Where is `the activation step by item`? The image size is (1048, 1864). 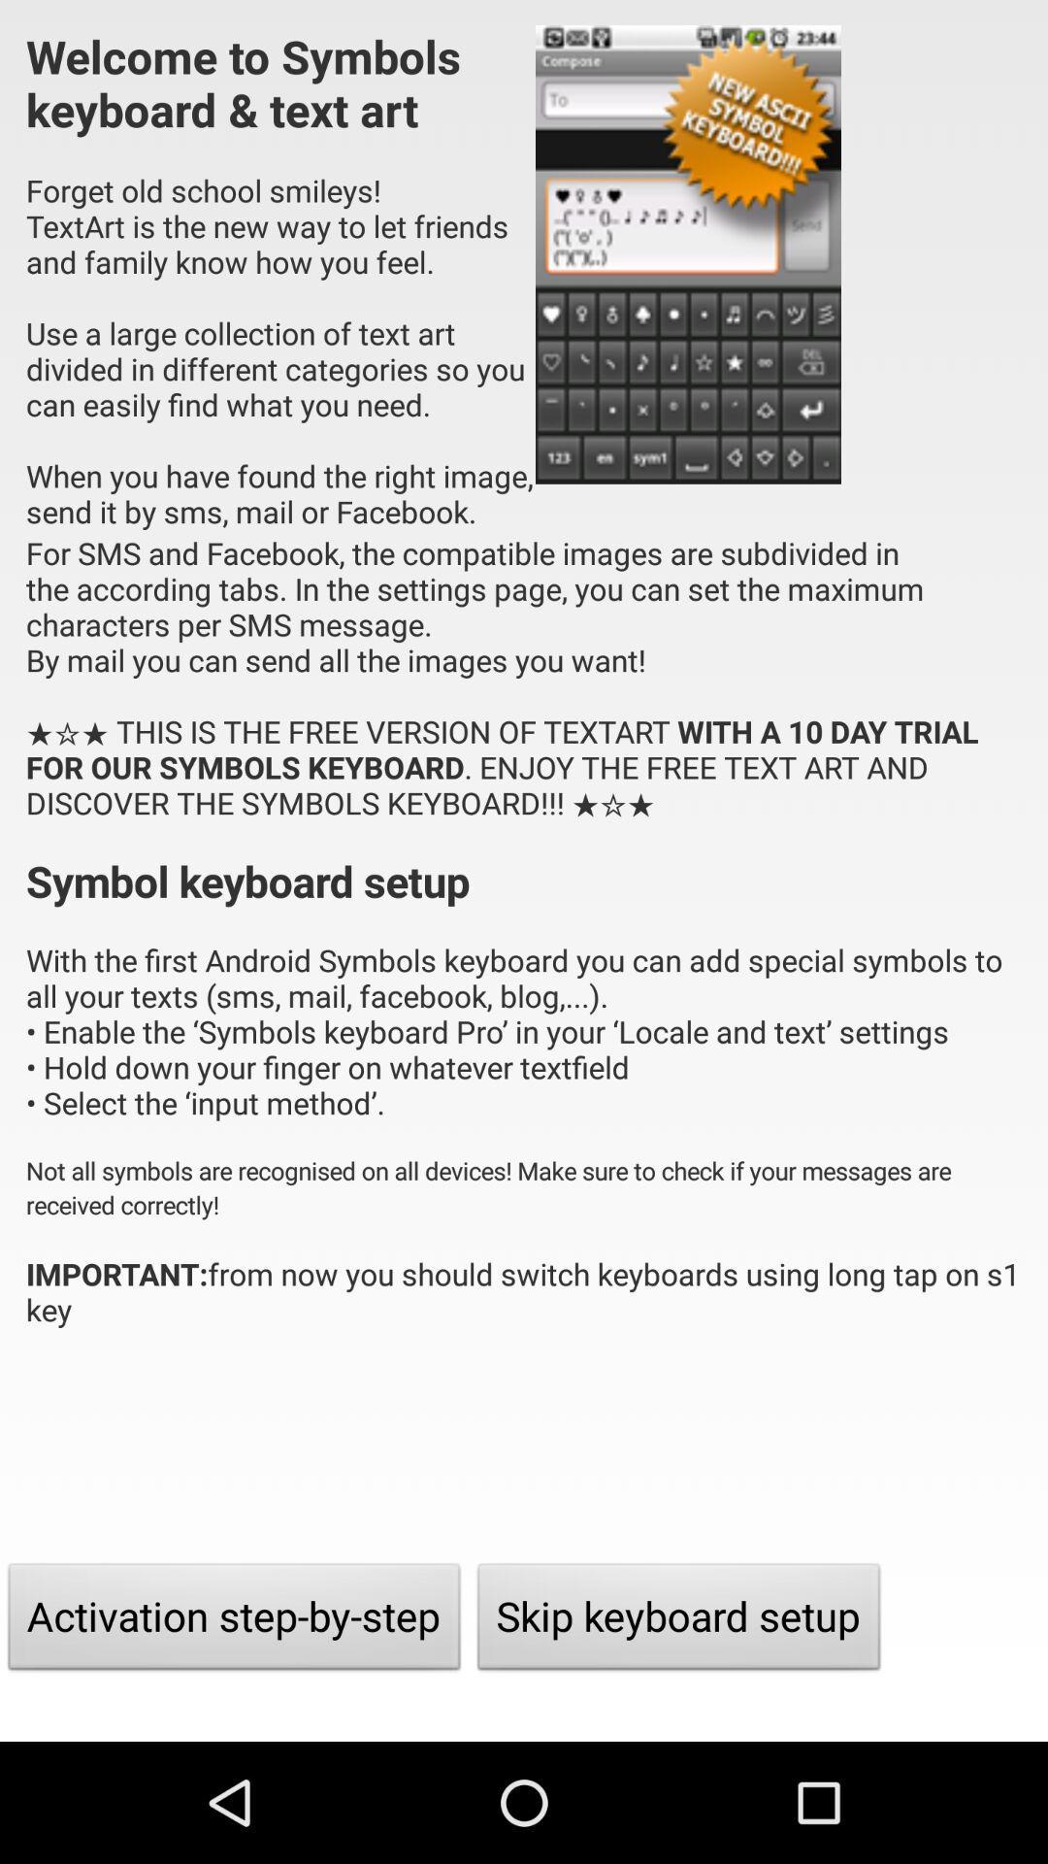 the activation step by item is located at coordinates (233, 1621).